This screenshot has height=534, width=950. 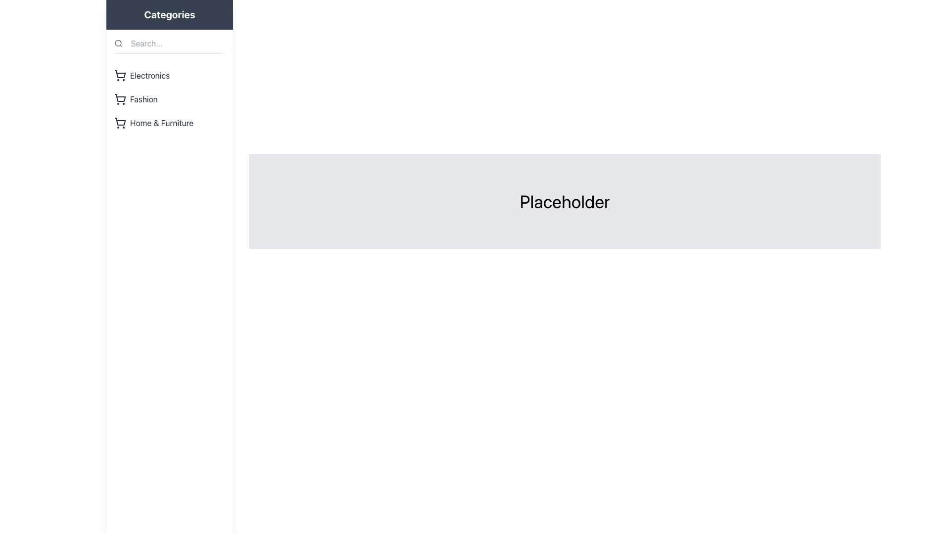 I want to click on the 'Fashion' navigation link, which is the second item in the vertical list within the 'Categories' section, so click(x=169, y=99).